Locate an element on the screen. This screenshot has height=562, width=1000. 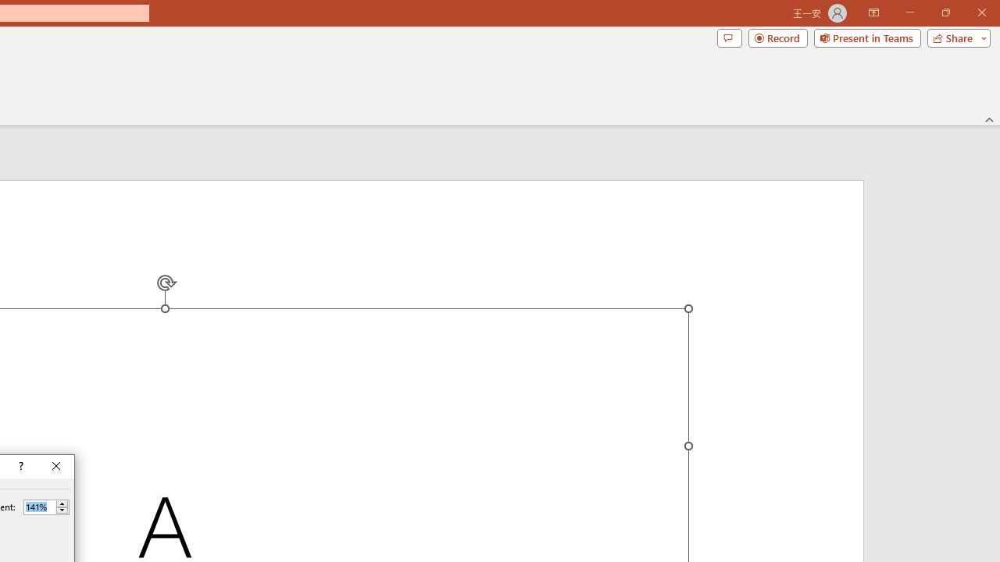
'Context help' is located at coordinates (20, 465).